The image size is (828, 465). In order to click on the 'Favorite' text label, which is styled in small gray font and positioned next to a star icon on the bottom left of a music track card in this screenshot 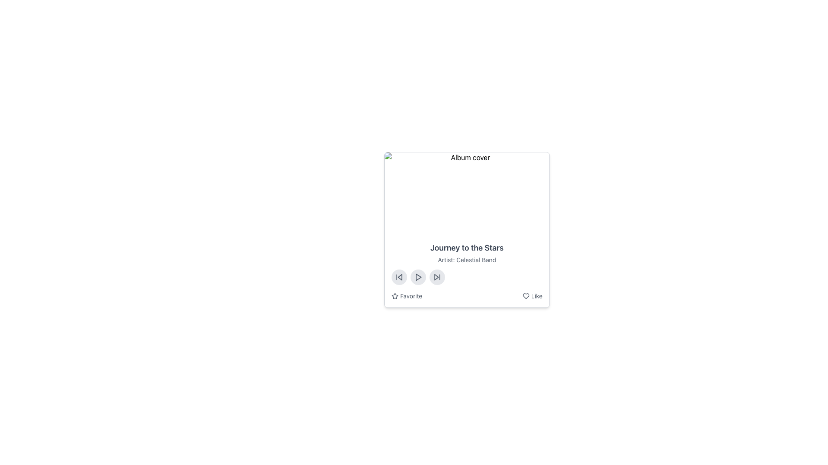, I will do `click(411, 295)`.